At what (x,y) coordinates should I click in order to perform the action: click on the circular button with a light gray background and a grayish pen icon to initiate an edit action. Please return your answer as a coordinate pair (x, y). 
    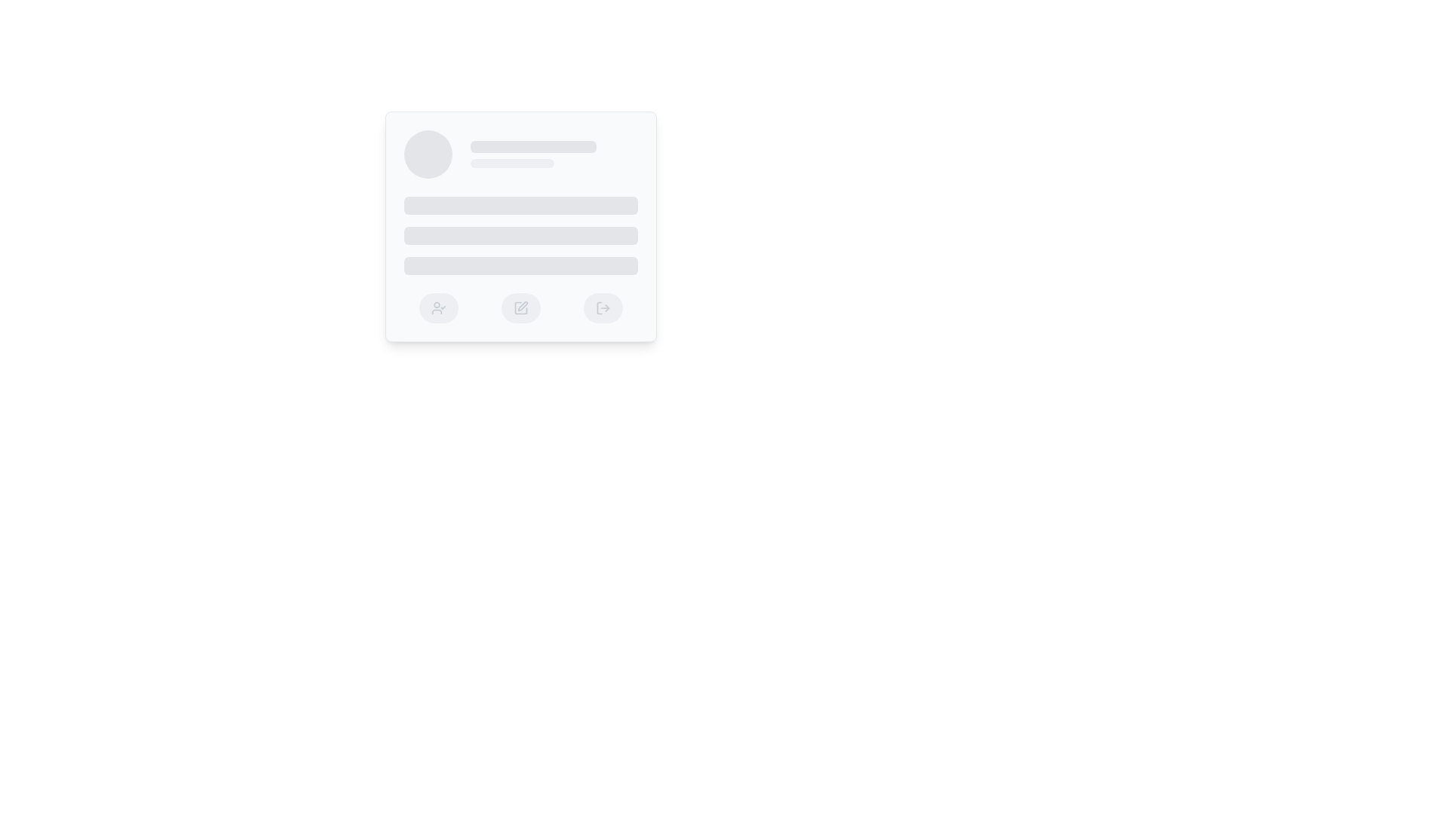
    Looking at the image, I should click on (521, 307).